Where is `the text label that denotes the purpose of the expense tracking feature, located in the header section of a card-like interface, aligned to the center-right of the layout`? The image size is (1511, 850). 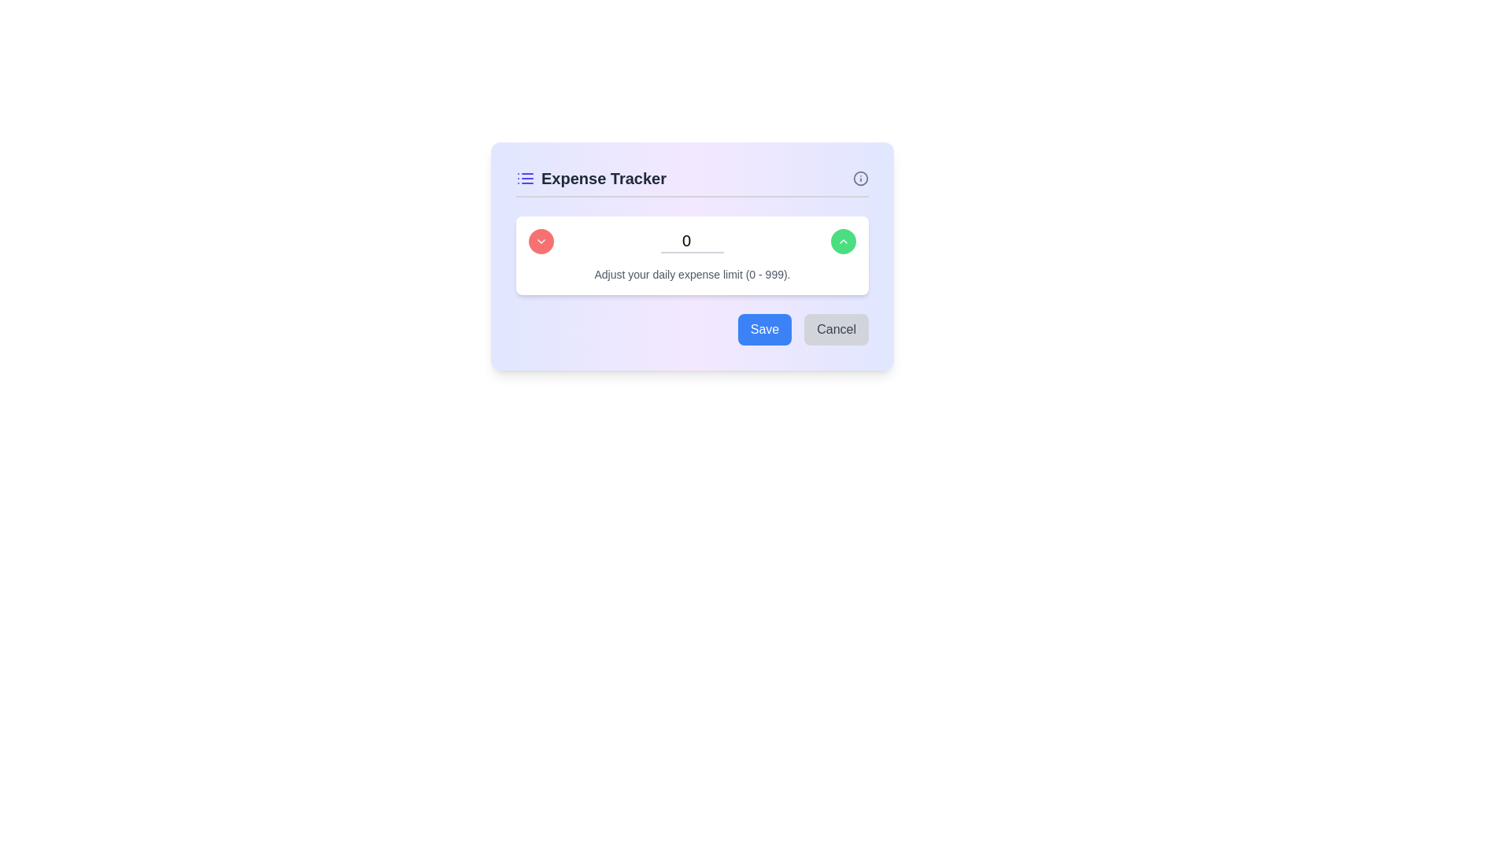
the text label that denotes the purpose of the expense tracking feature, located in the header section of a card-like interface, aligned to the center-right of the layout is located at coordinates (603, 178).